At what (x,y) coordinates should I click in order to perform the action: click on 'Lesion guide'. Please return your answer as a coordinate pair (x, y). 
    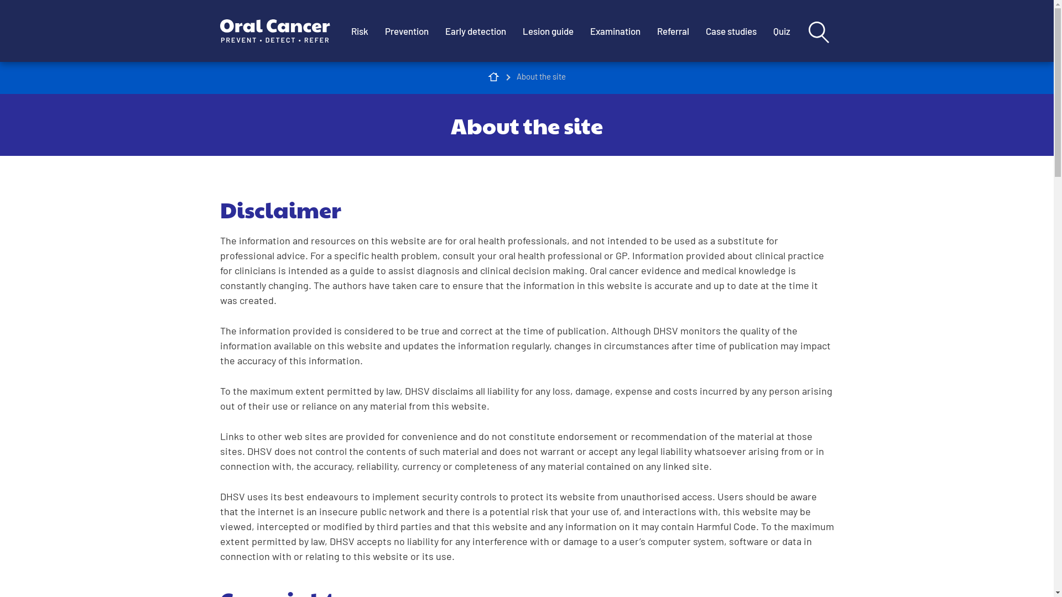
    Looking at the image, I should click on (548, 30).